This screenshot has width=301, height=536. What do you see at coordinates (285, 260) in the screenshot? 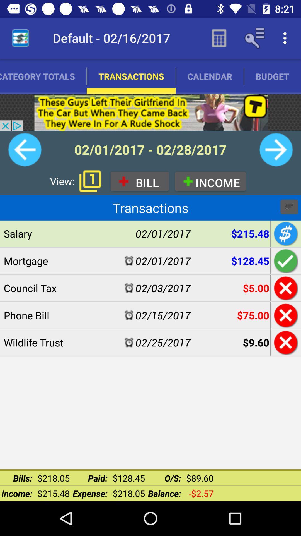
I see `add` at bounding box center [285, 260].